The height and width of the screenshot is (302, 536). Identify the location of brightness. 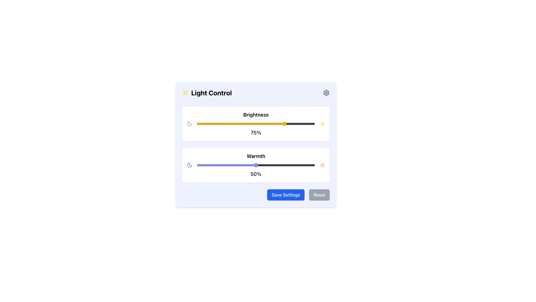
(282, 124).